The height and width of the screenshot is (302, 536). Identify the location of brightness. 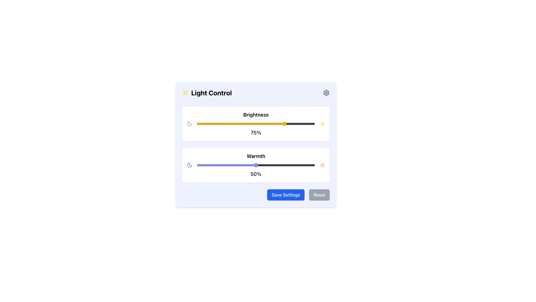
(282, 124).